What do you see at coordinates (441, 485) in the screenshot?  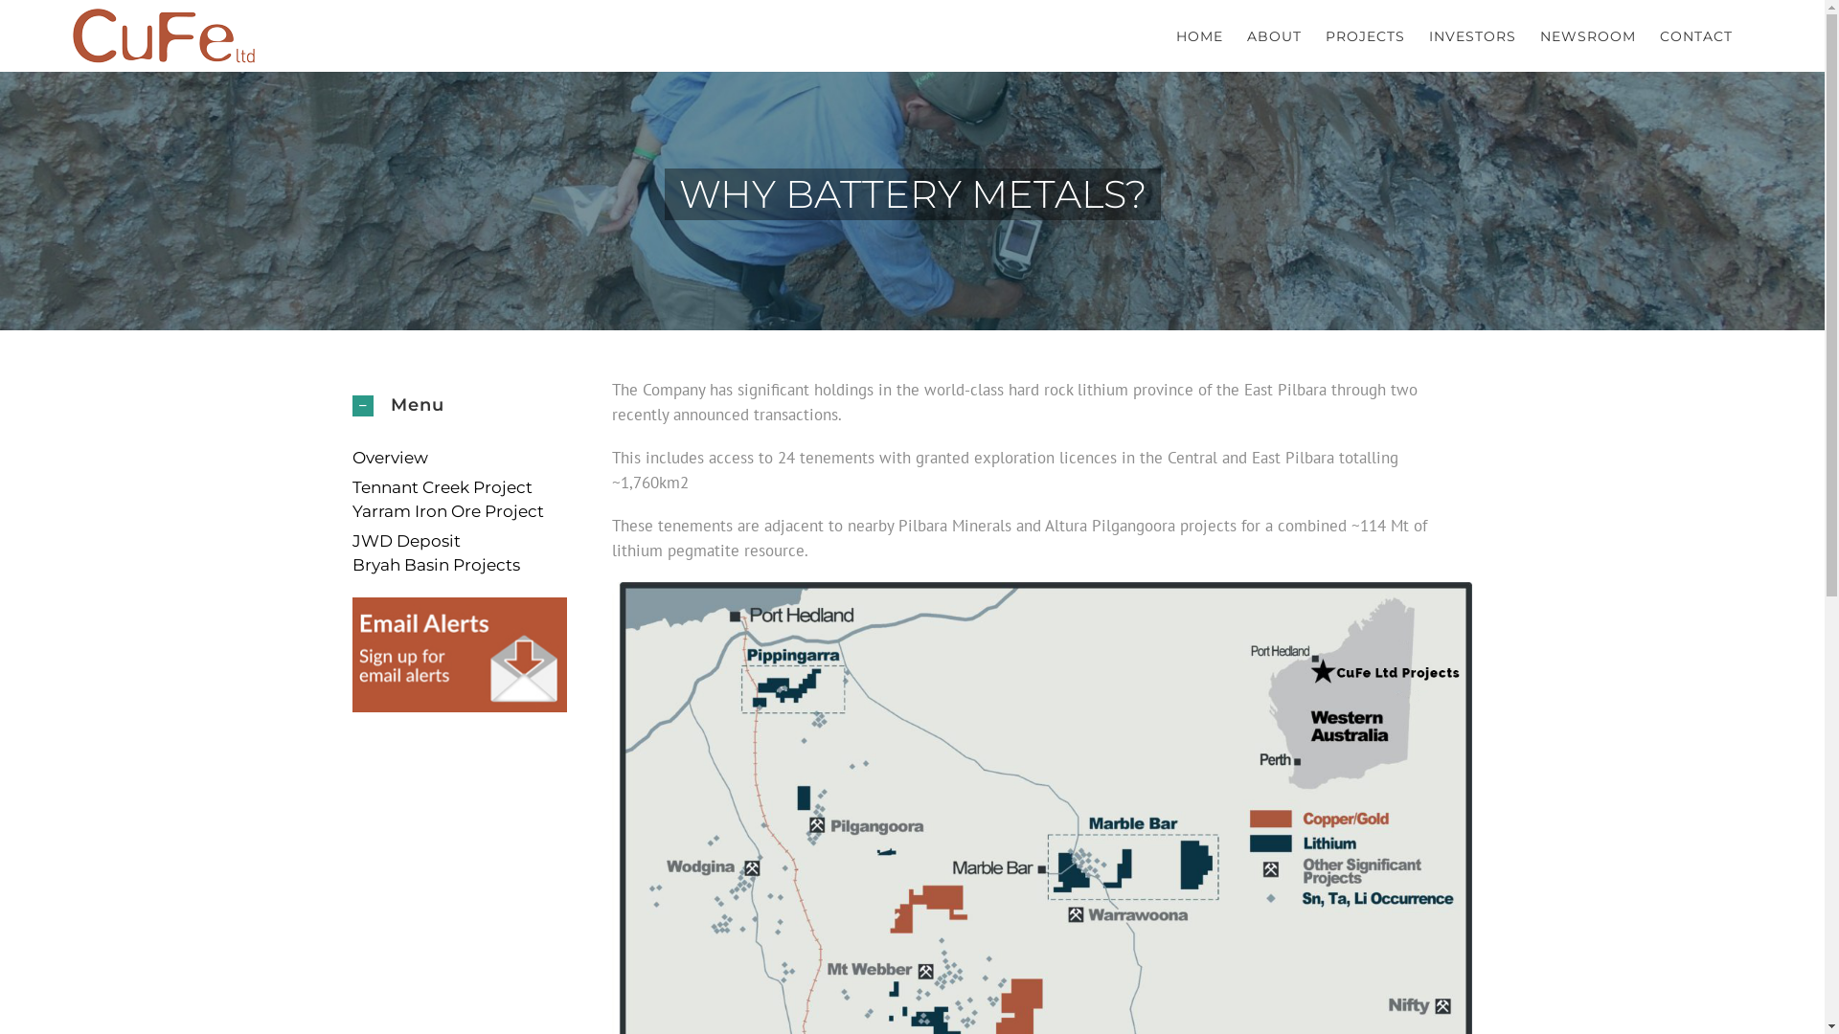 I see `'Tennant Creek Project'` at bounding box center [441, 485].